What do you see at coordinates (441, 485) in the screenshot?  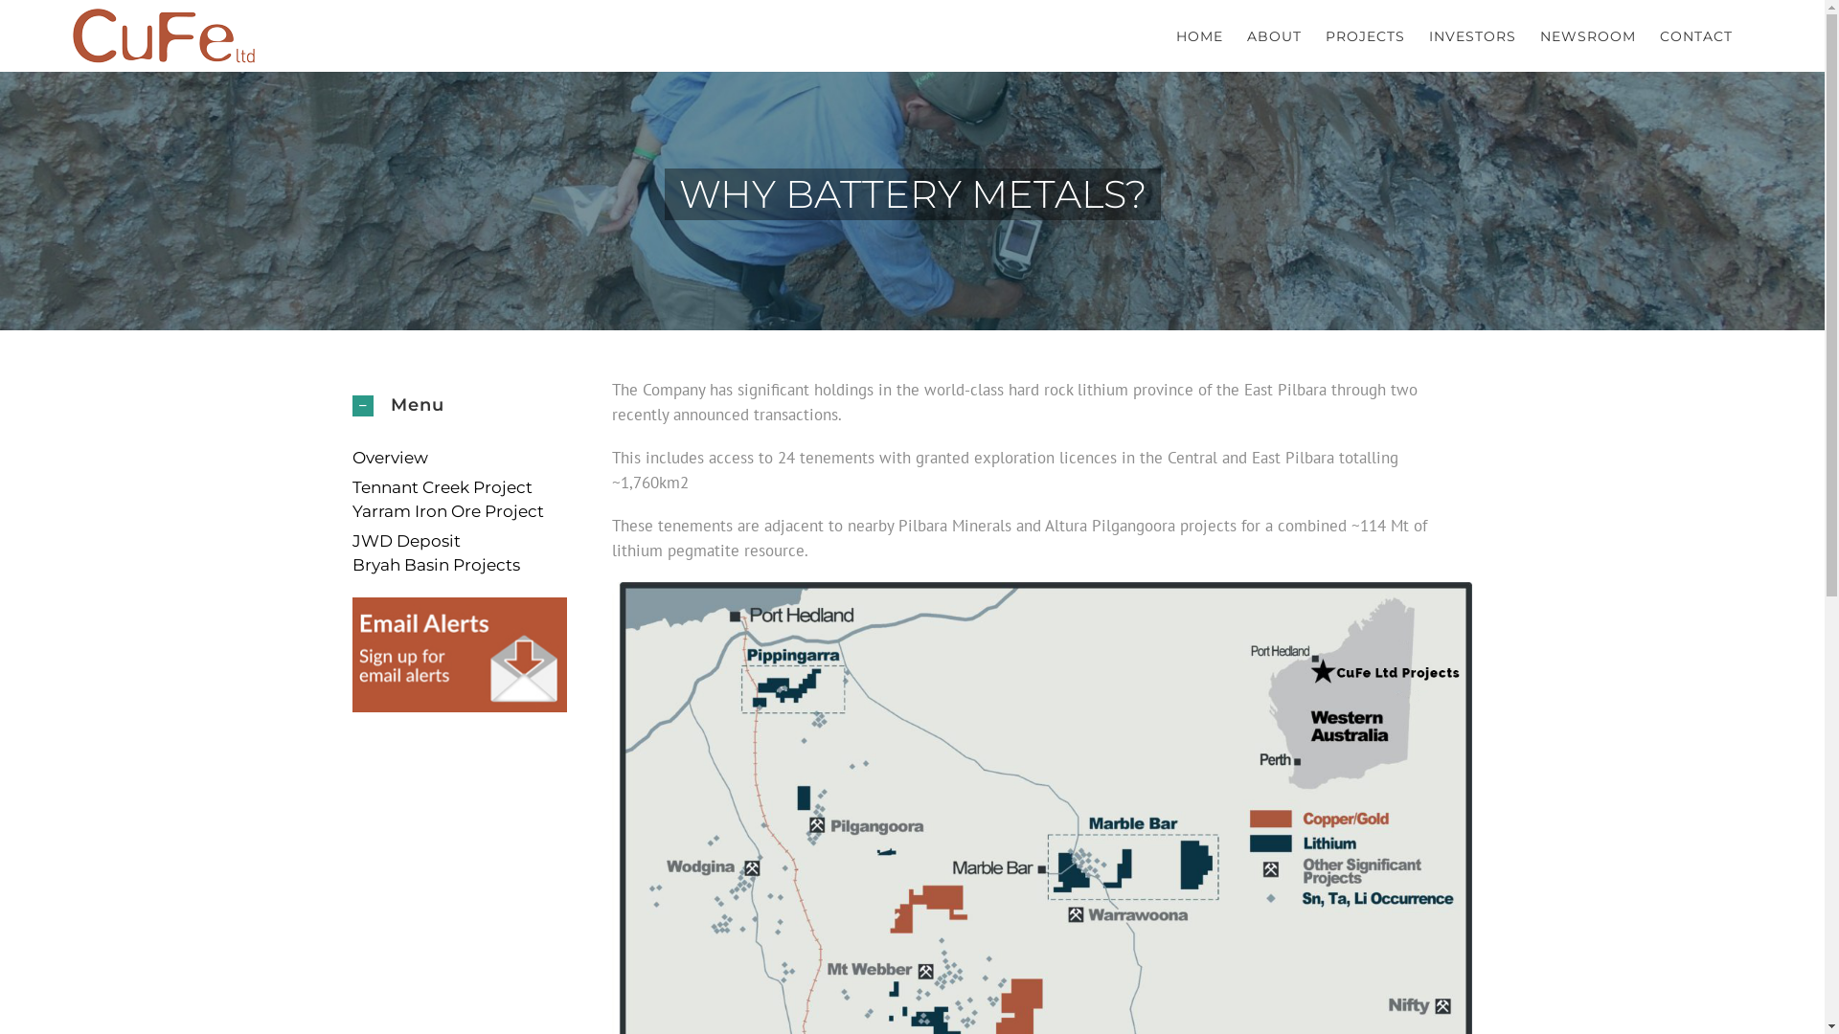 I see `'Tennant Creek Project'` at bounding box center [441, 485].